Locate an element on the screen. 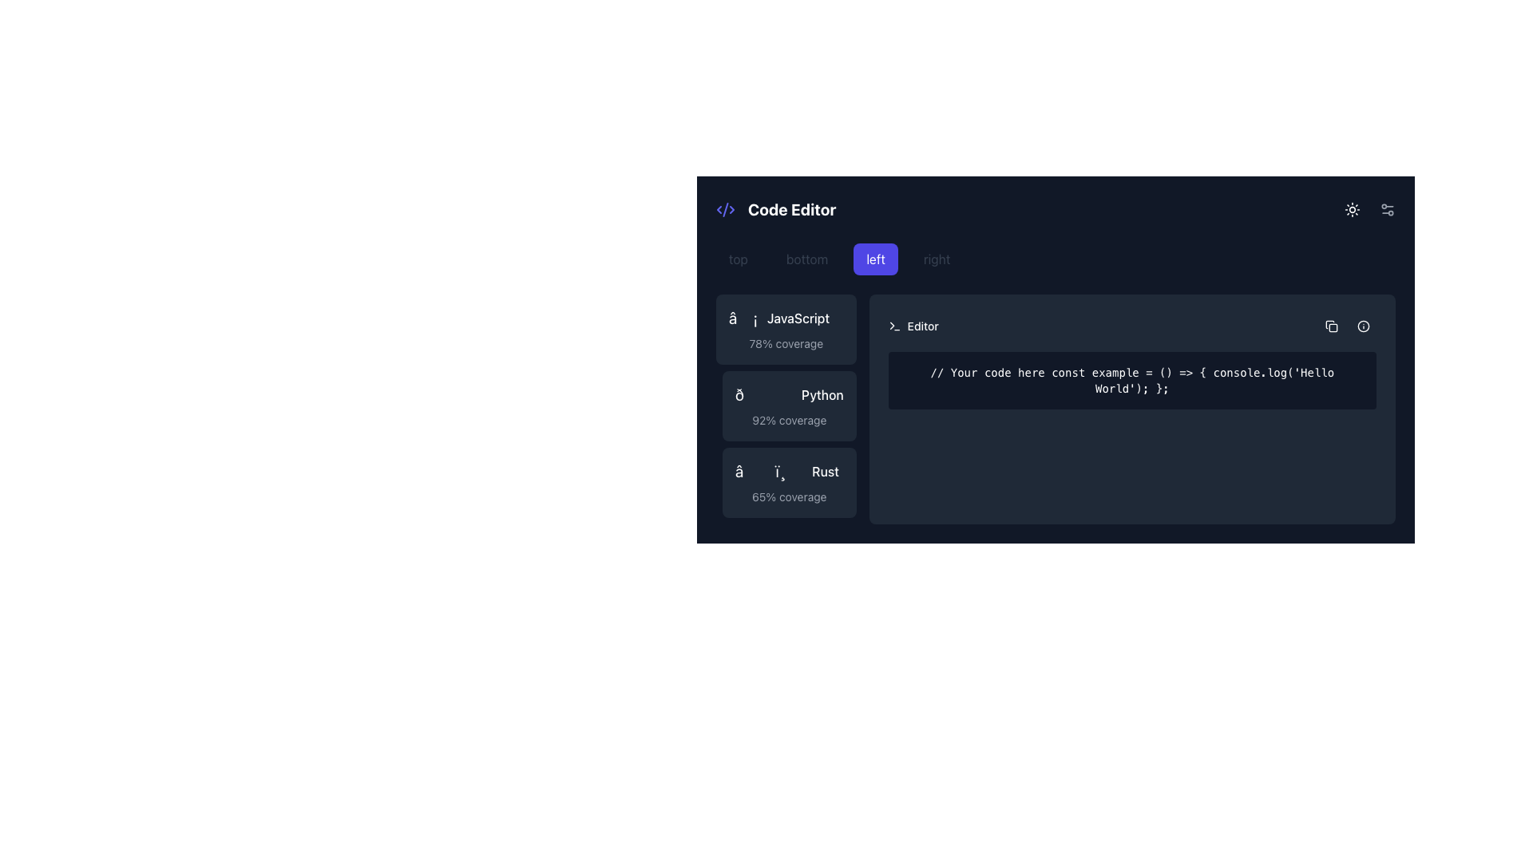 Image resolution: width=1533 pixels, height=862 pixels. the theme toggle button located in the upper-right corner of the interface is located at coordinates (1352, 208).